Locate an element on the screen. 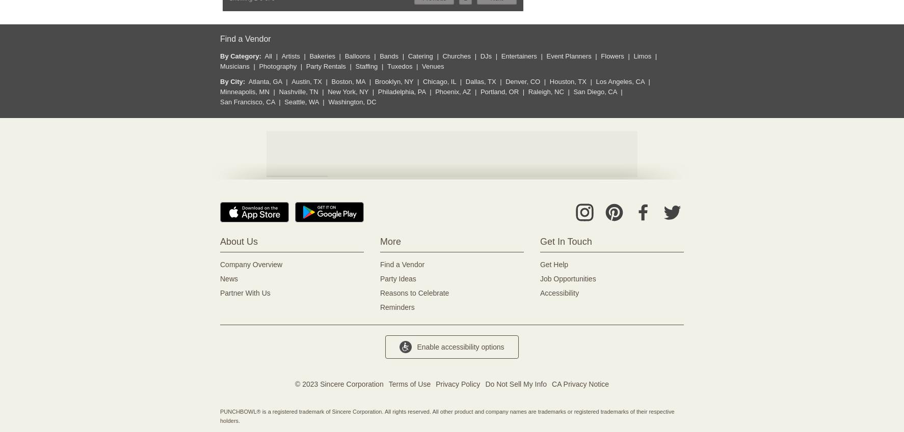 This screenshot has width=904, height=432. 'Artists' is located at coordinates (289, 55).